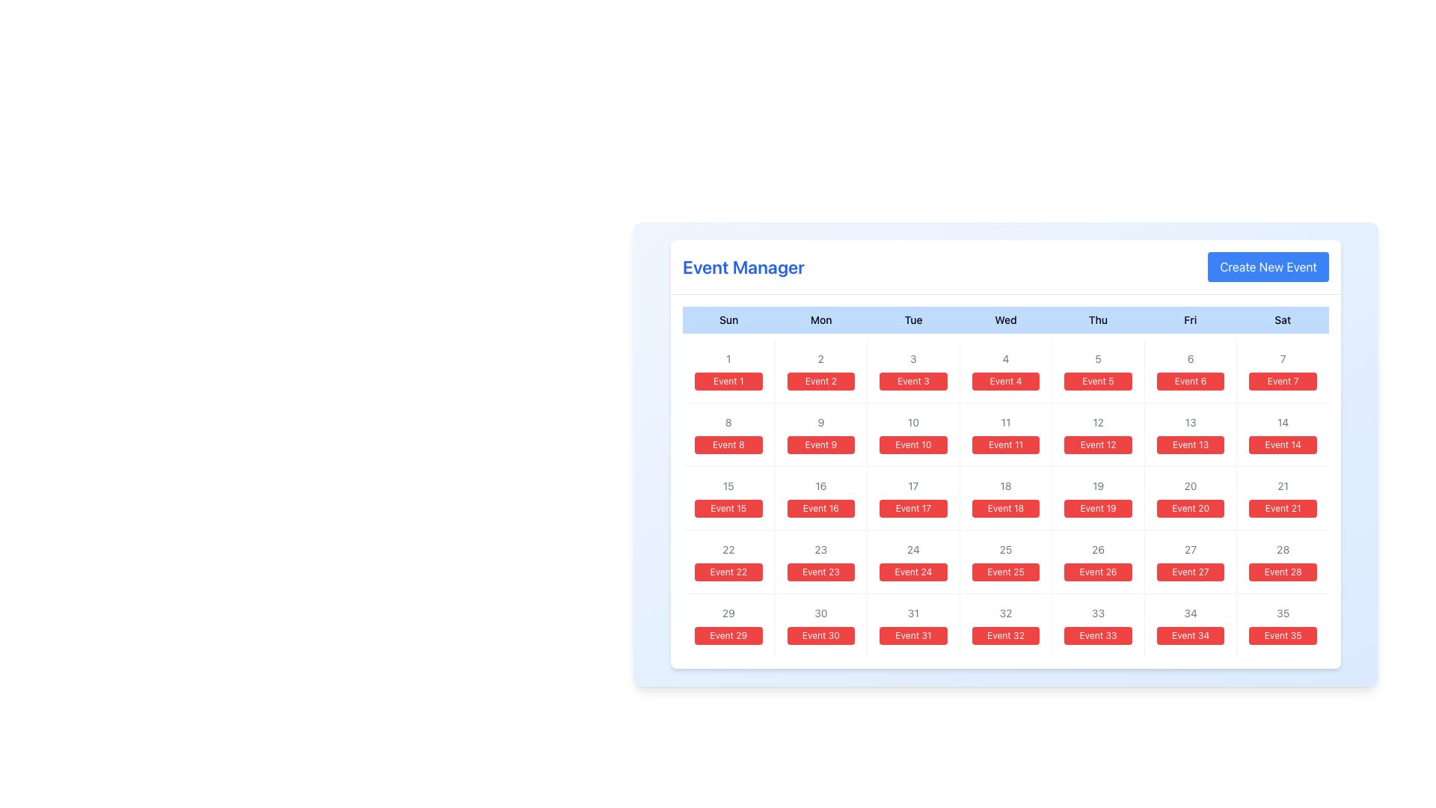 The width and height of the screenshot is (1436, 808). What do you see at coordinates (1005, 572) in the screenshot?
I see `the button labeled 'Event 25' which is a small rectangular button with a red background and white text, located in the calendar grid view under the column for Wednesday` at bounding box center [1005, 572].